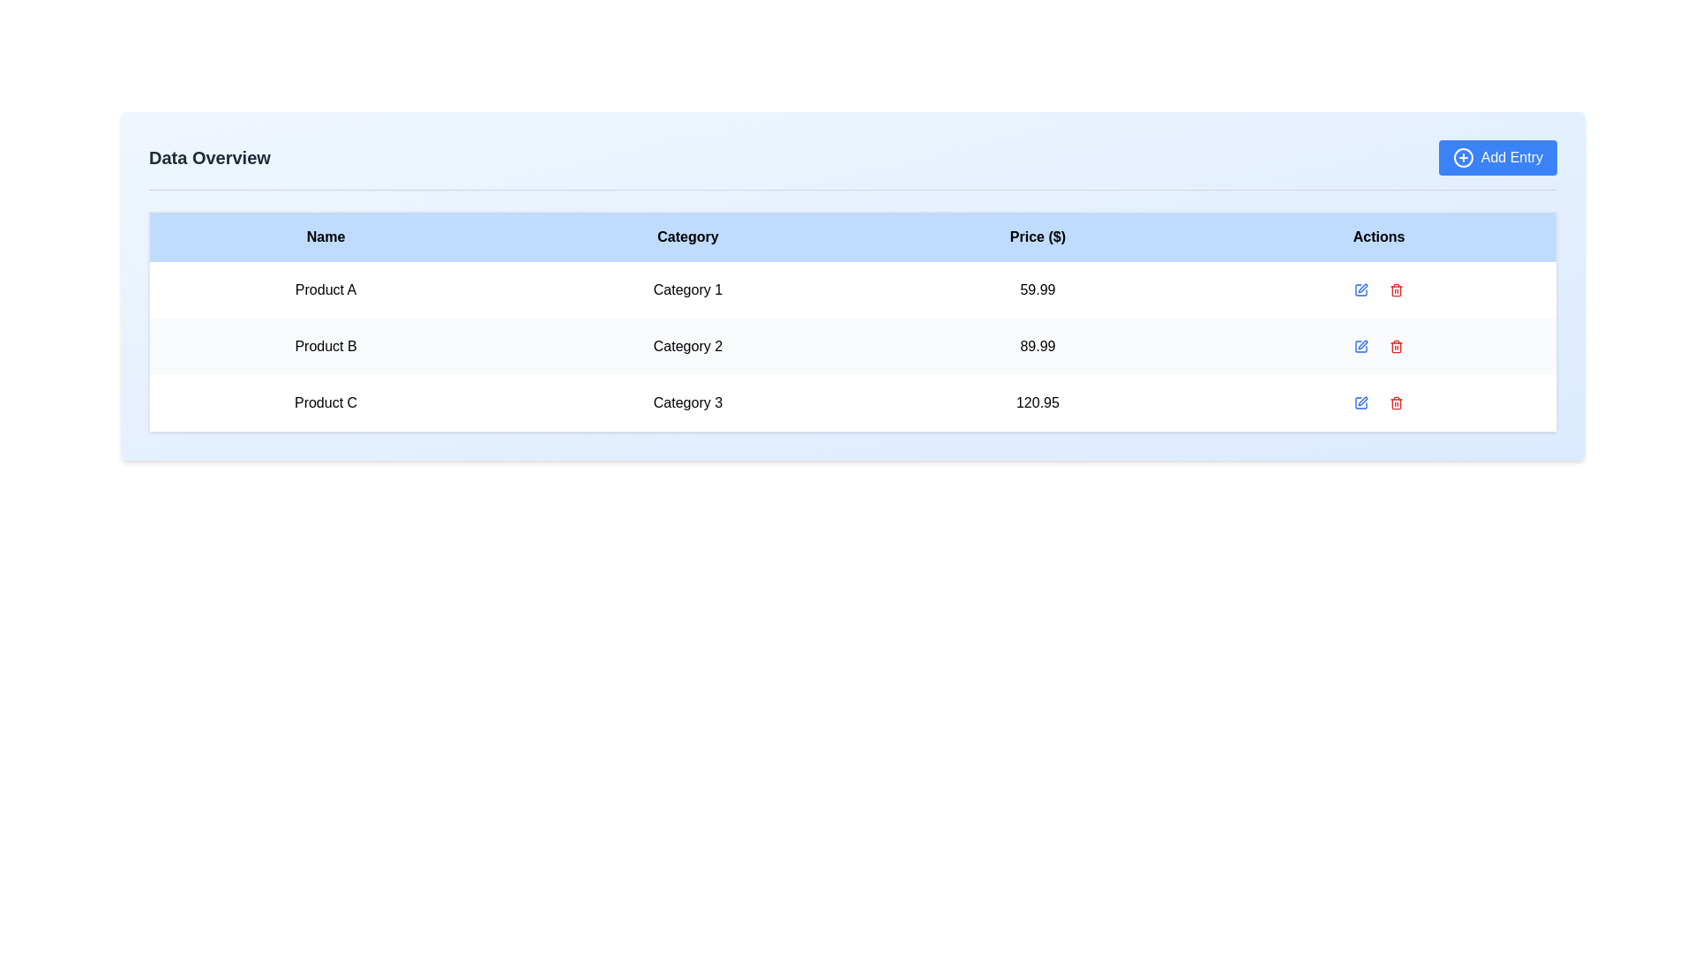 The width and height of the screenshot is (1694, 953). Describe the element at coordinates (326, 236) in the screenshot. I see `the 'Name' header label in the table, which is the first column header with a blue background and bold black text` at that location.